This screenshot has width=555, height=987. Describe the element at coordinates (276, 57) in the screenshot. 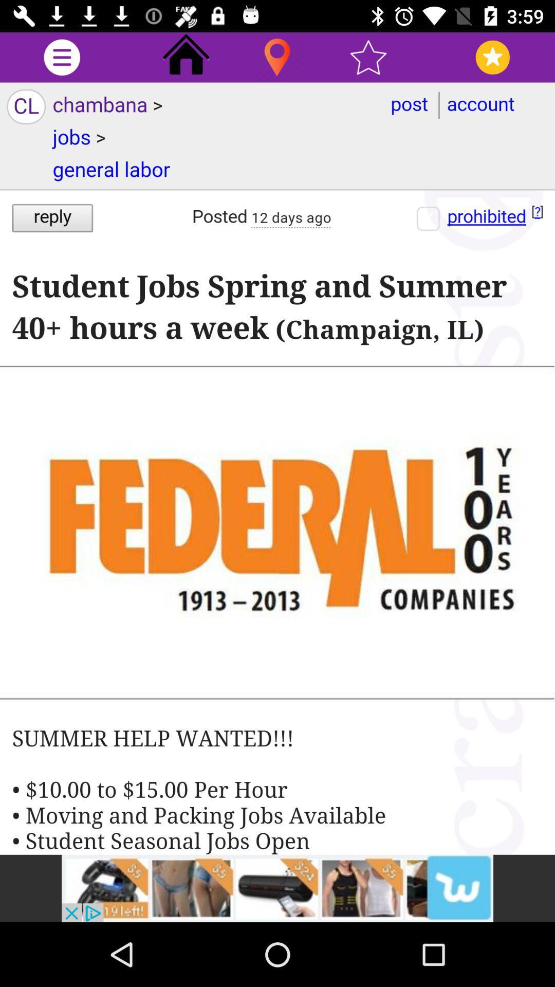

I see `location` at that location.